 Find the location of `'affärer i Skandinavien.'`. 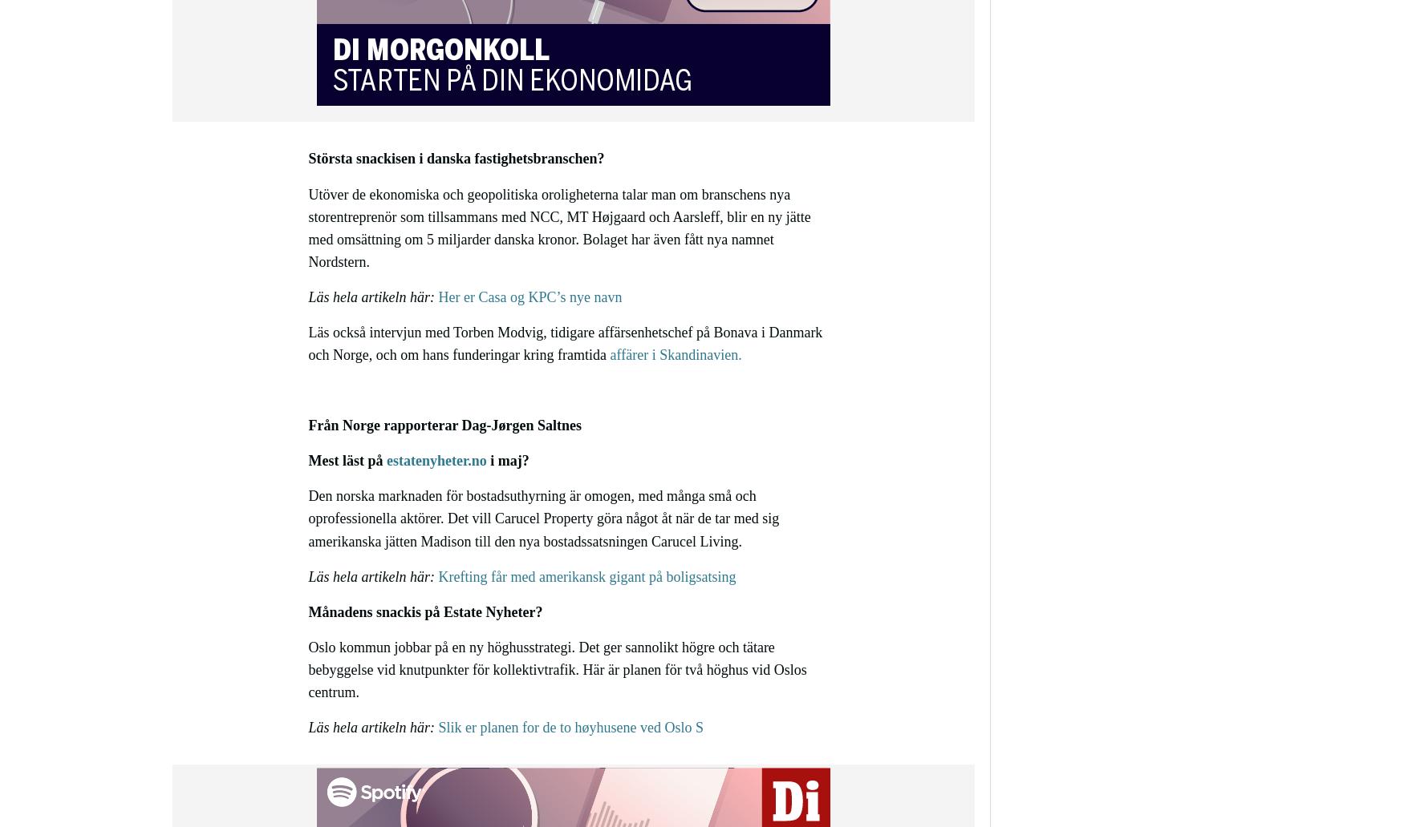

'affärer i Skandinavien.' is located at coordinates (675, 354).